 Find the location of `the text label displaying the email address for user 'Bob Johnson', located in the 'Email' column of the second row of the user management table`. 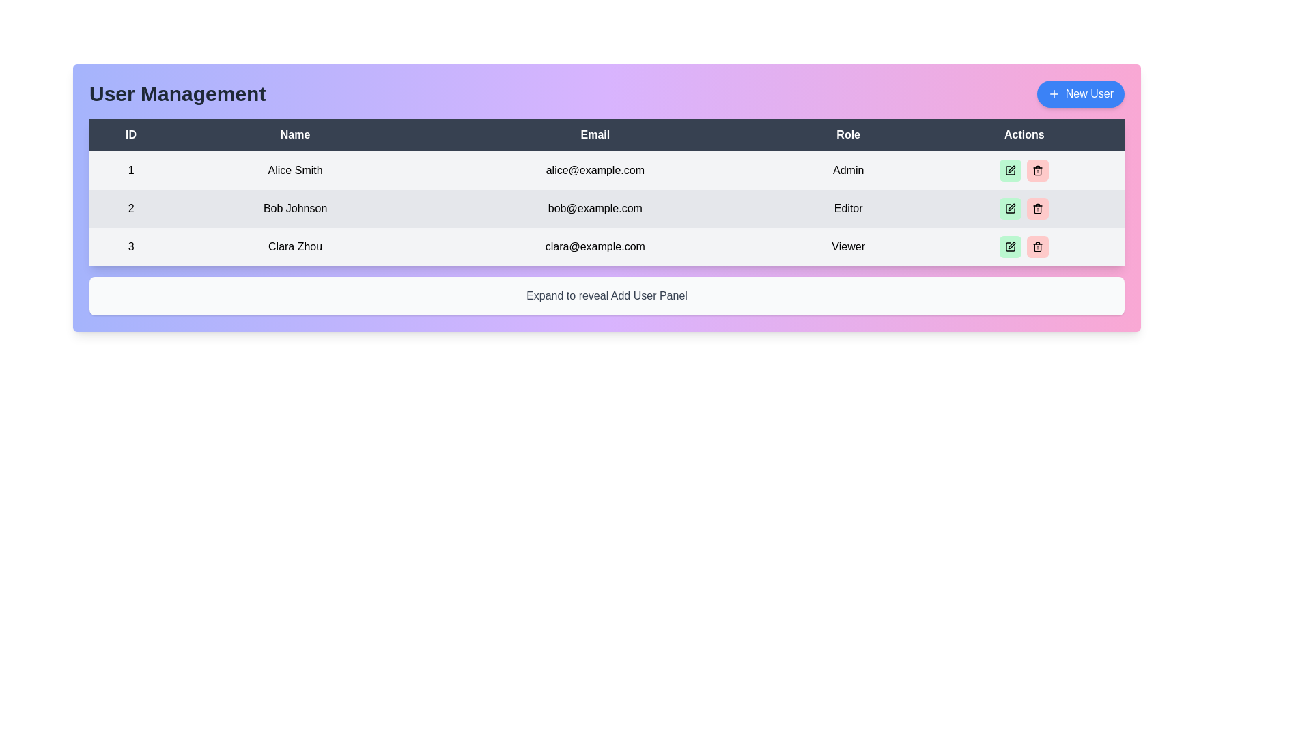

the text label displaying the email address for user 'Bob Johnson', located in the 'Email' column of the second row of the user management table is located at coordinates (595, 208).